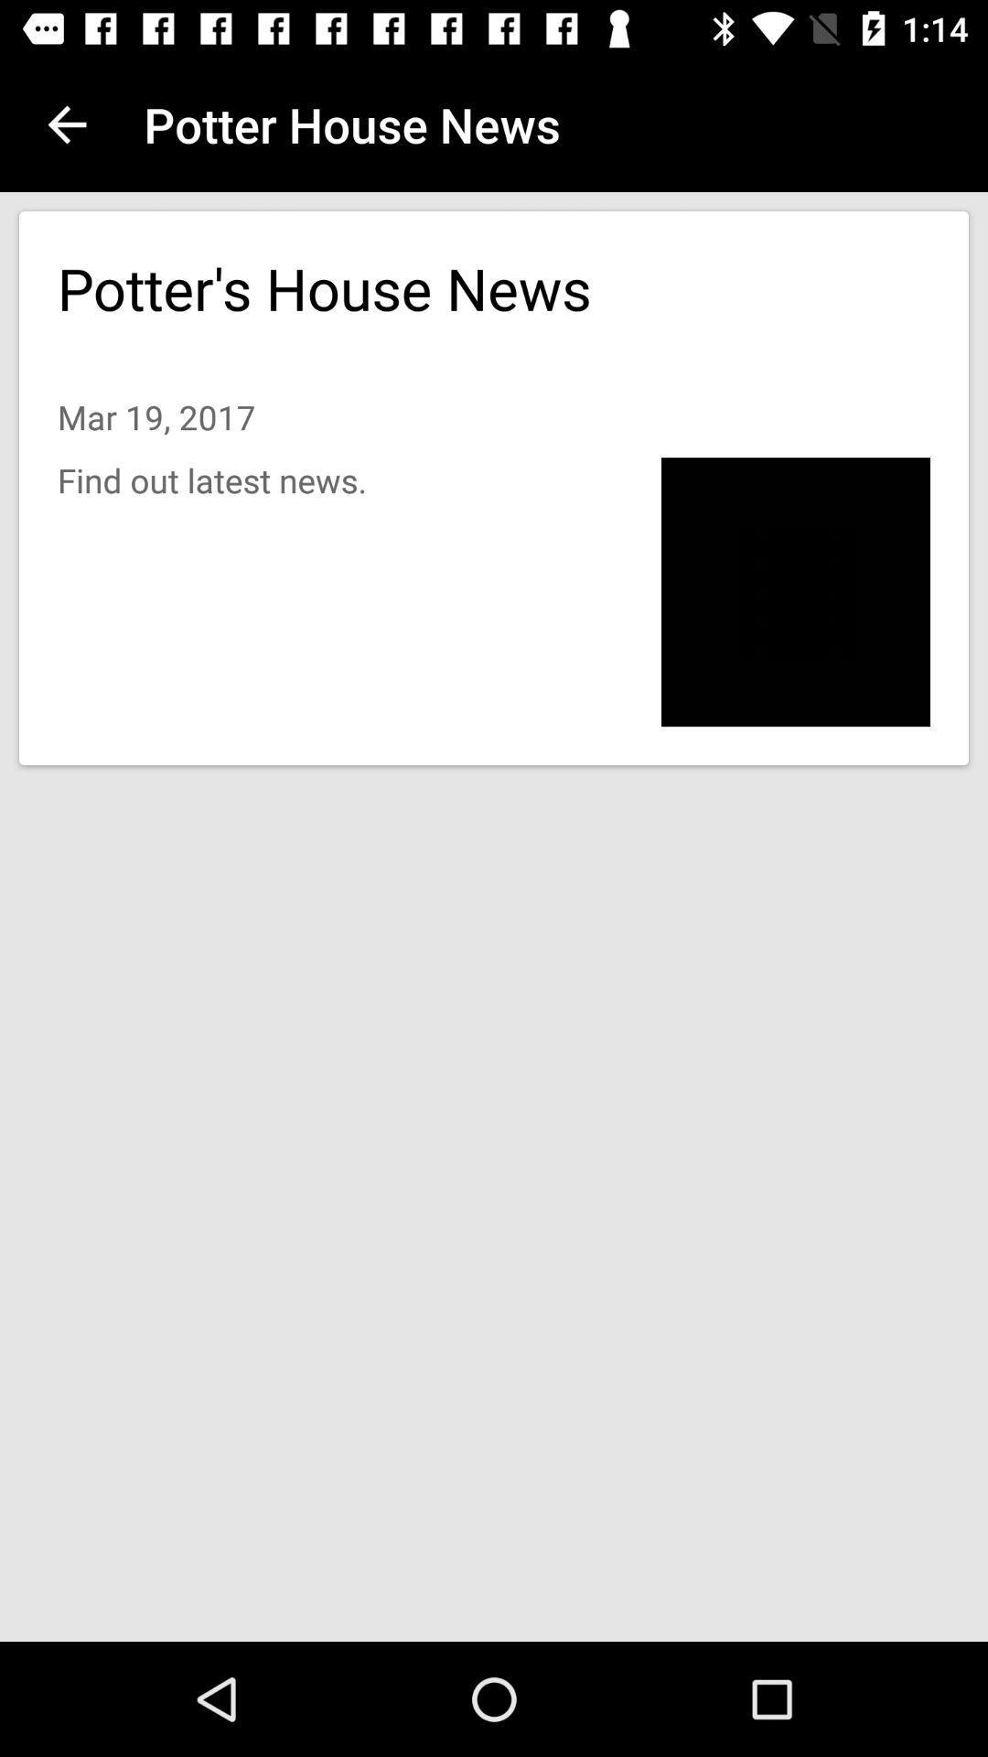  Describe the element at coordinates (66, 124) in the screenshot. I see `app to the left of potter house news icon` at that location.